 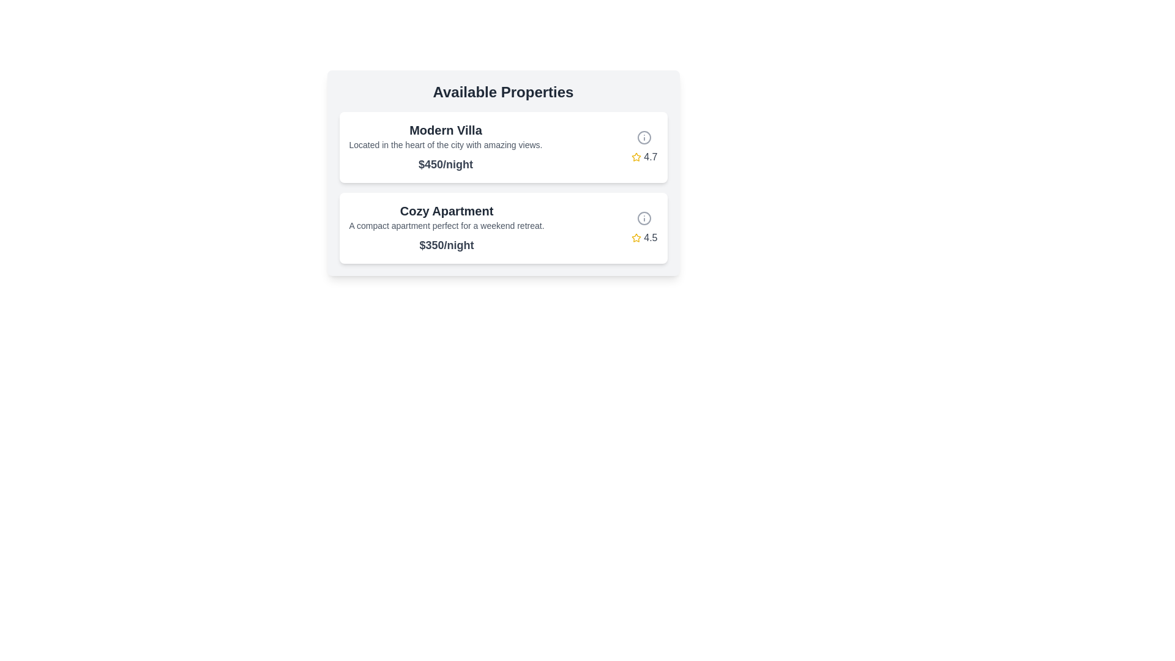 I want to click on the descriptive text element providing additional context about the 'Cozy Apartment' listing, which is positioned between the title and the price information, so click(x=446, y=226).